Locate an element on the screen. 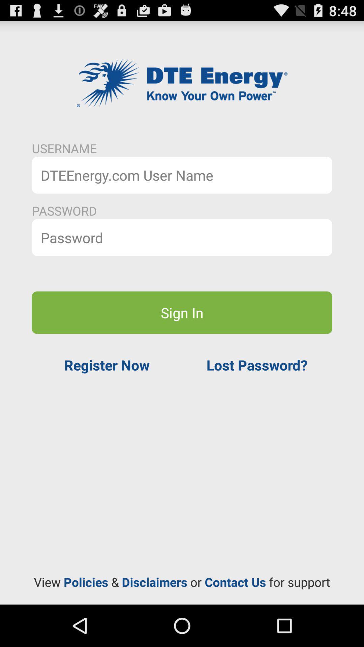 The width and height of the screenshot is (364, 647). the icon to the right of register now item is located at coordinates (257, 365).